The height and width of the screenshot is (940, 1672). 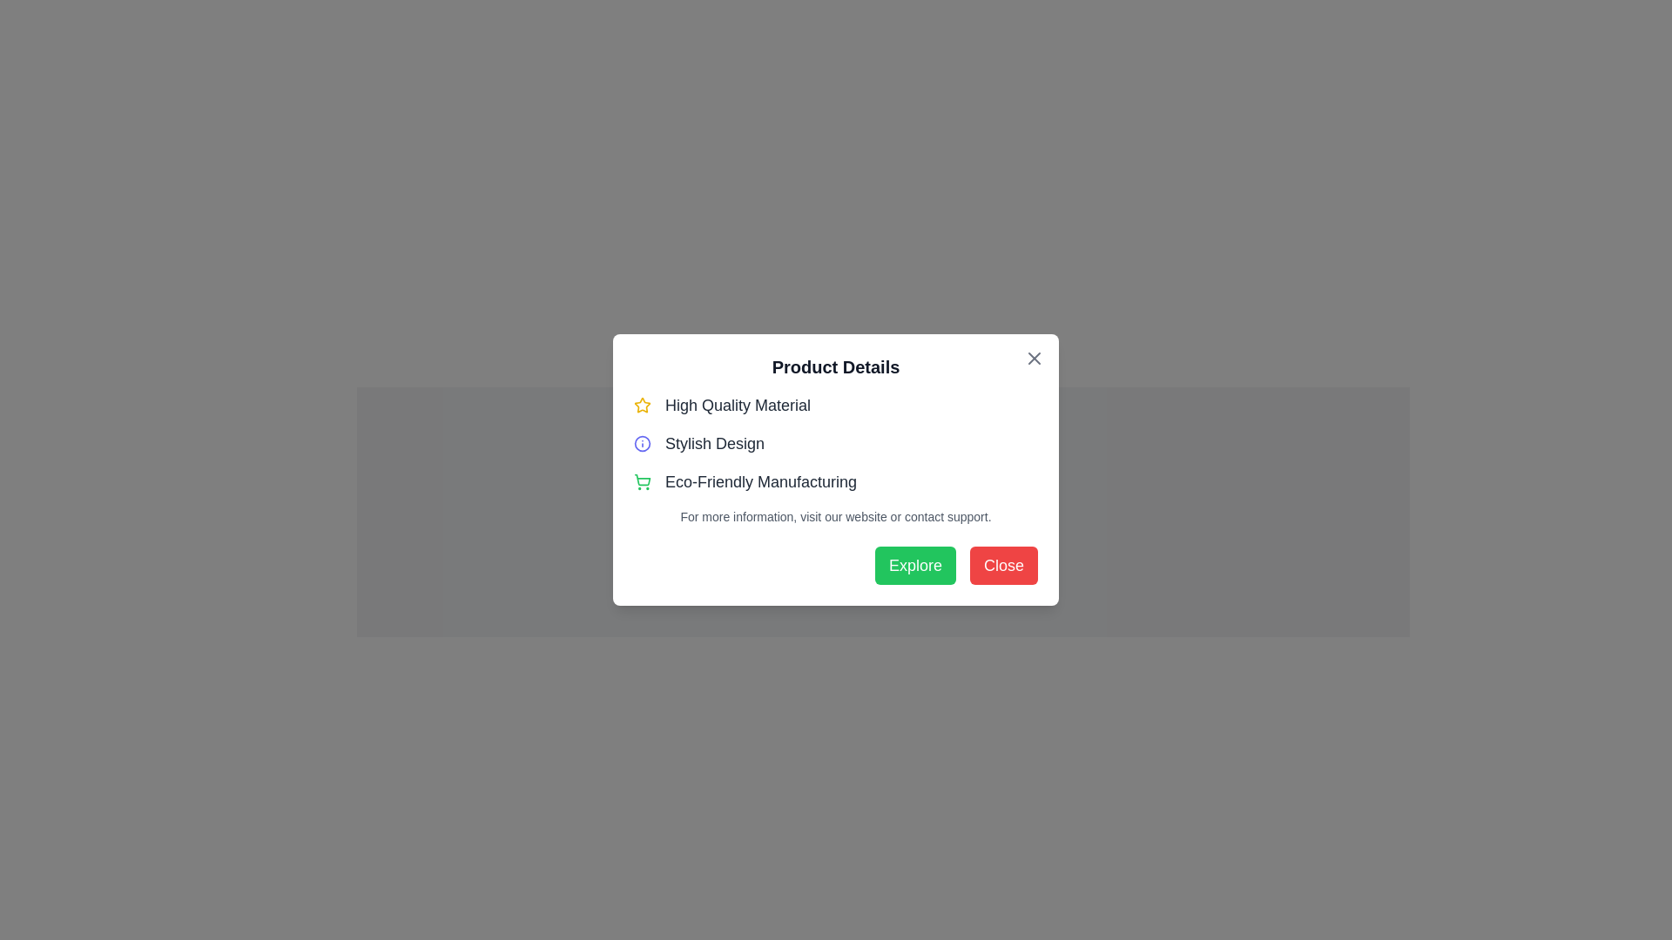 I want to click on the second row descriptive list item highlighting 'Stylish Design' in the central modal, which is located between 'High Quality Material' and 'Eco-Friendly Manufacturing', so click(x=836, y=442).